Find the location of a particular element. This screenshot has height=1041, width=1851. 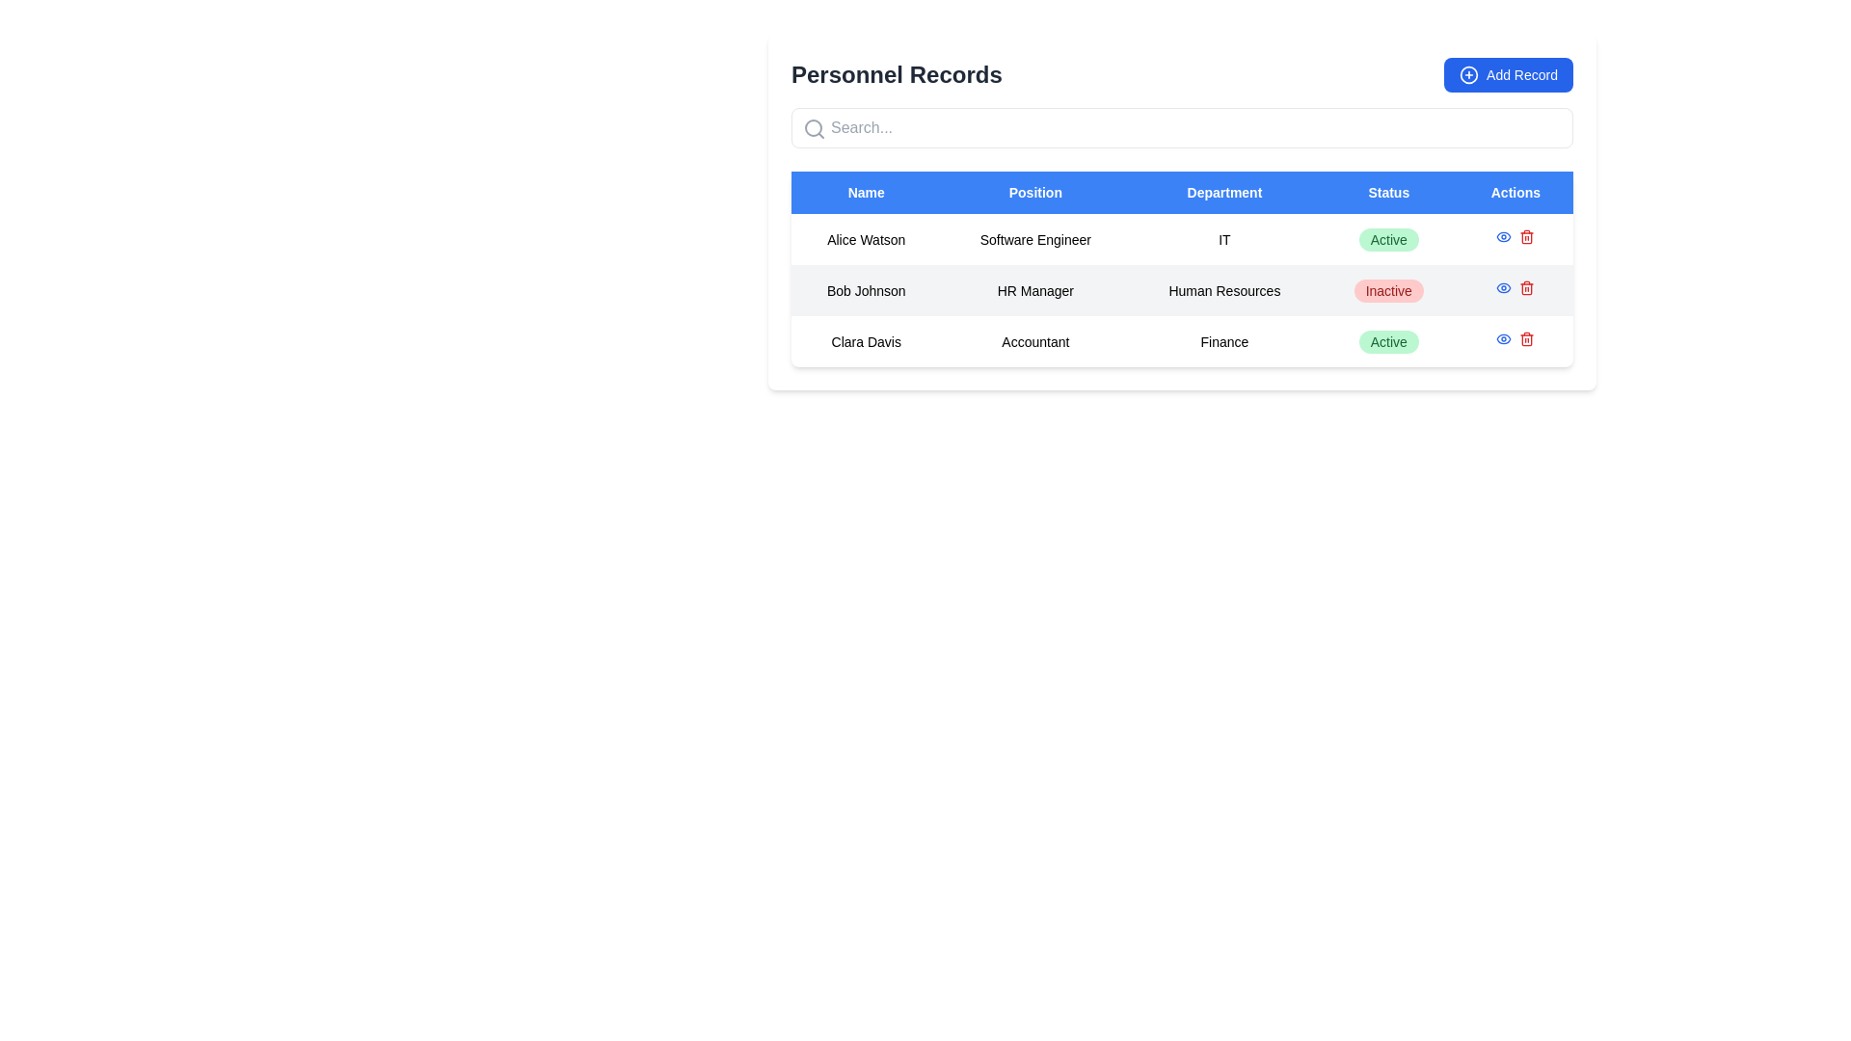

the magnifying glass icon, which is styled with a circular outline and handle, located at the left edge of the search input field is located at coordinates (814, 129).